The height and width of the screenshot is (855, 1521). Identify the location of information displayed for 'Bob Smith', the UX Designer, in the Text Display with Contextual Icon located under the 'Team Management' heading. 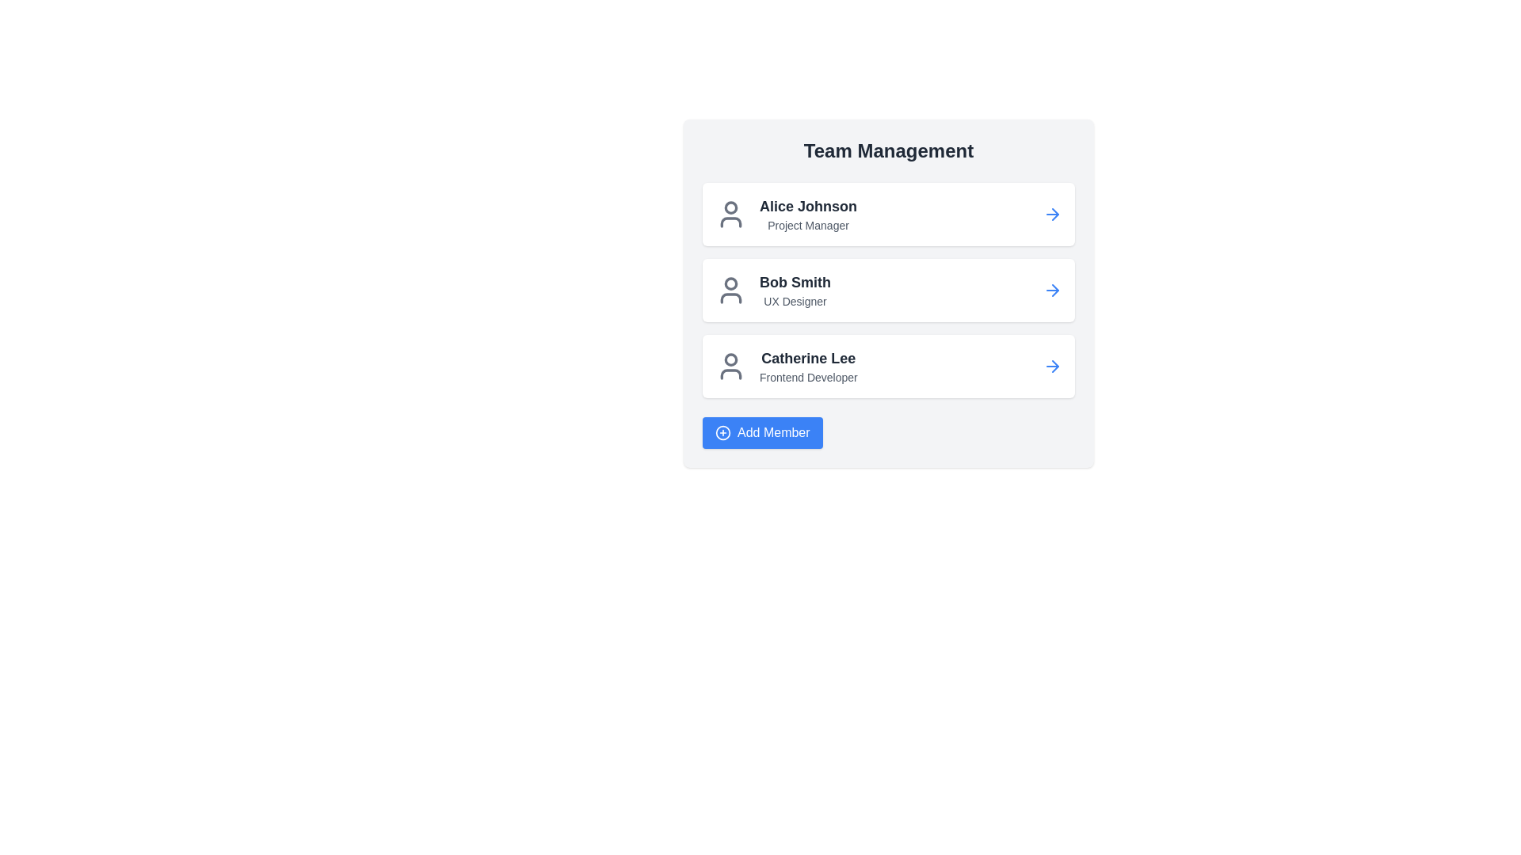
(772, 290).